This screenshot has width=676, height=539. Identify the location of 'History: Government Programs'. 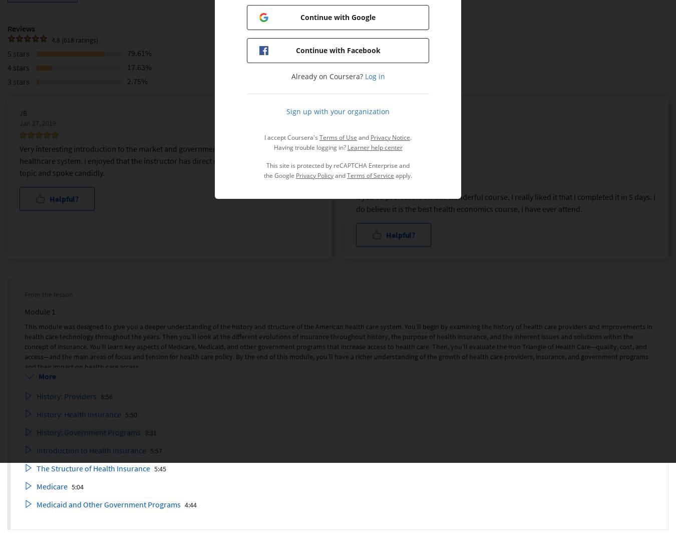
(36, 432).